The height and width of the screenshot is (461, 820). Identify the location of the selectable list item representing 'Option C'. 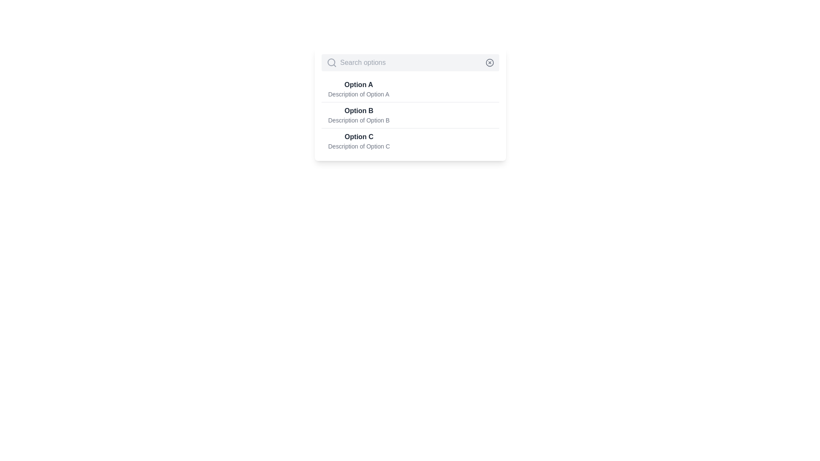
(410, 140).